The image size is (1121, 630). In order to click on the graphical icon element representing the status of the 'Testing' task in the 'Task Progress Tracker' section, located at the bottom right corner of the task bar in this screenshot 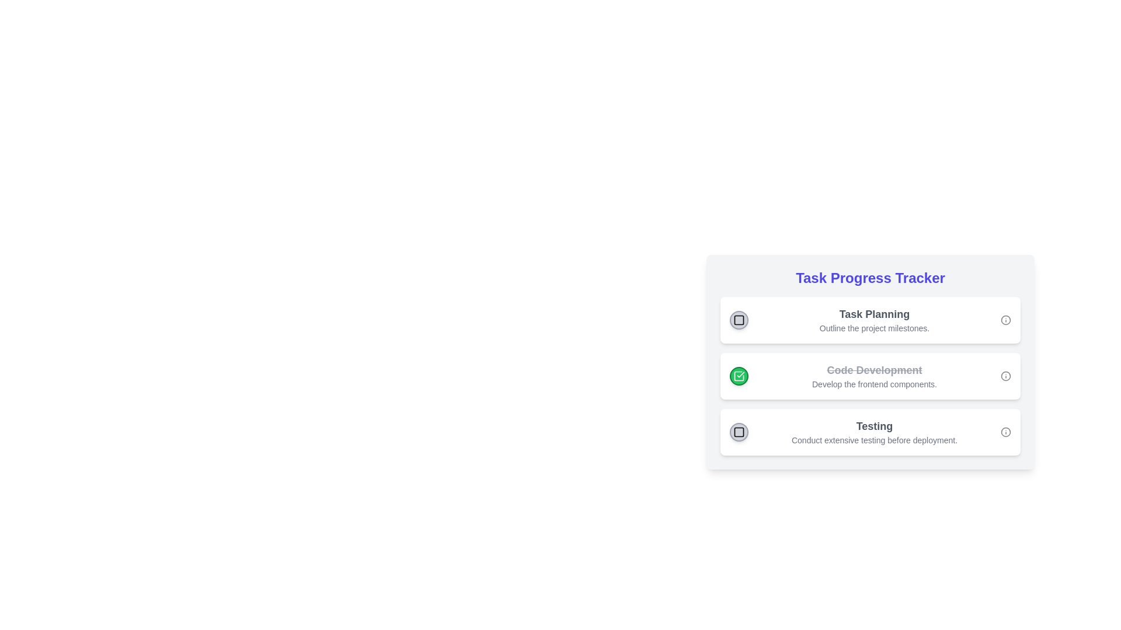, I will do `click(1005, 432)`.